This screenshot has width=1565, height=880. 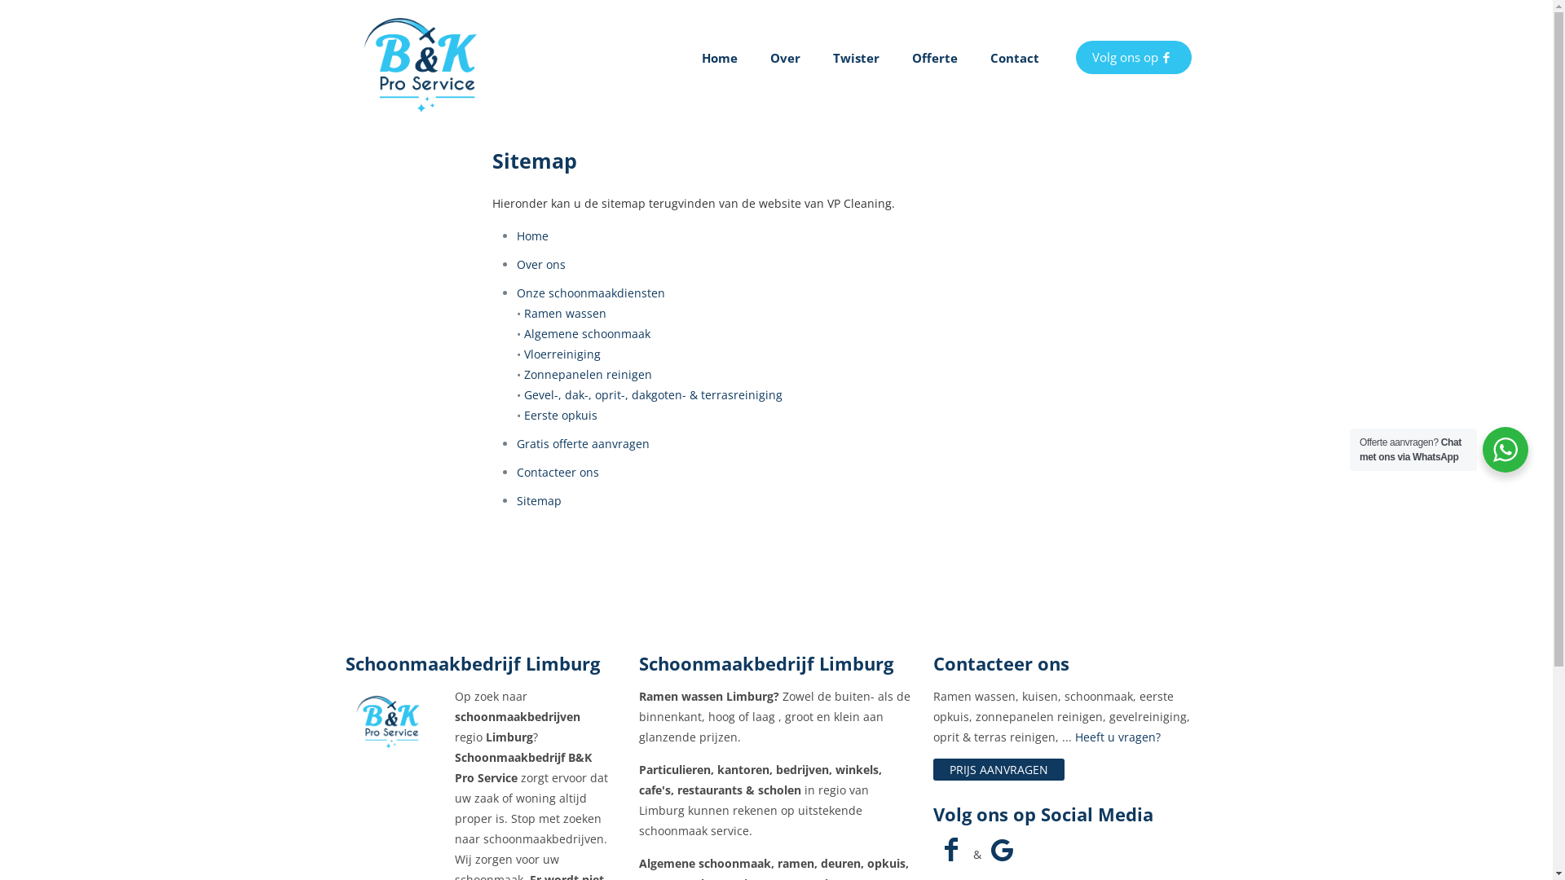 What do you see at coordinates (934, 56) in the screenshot?
I see `'Offerte'` at bounding box center [934, 56].